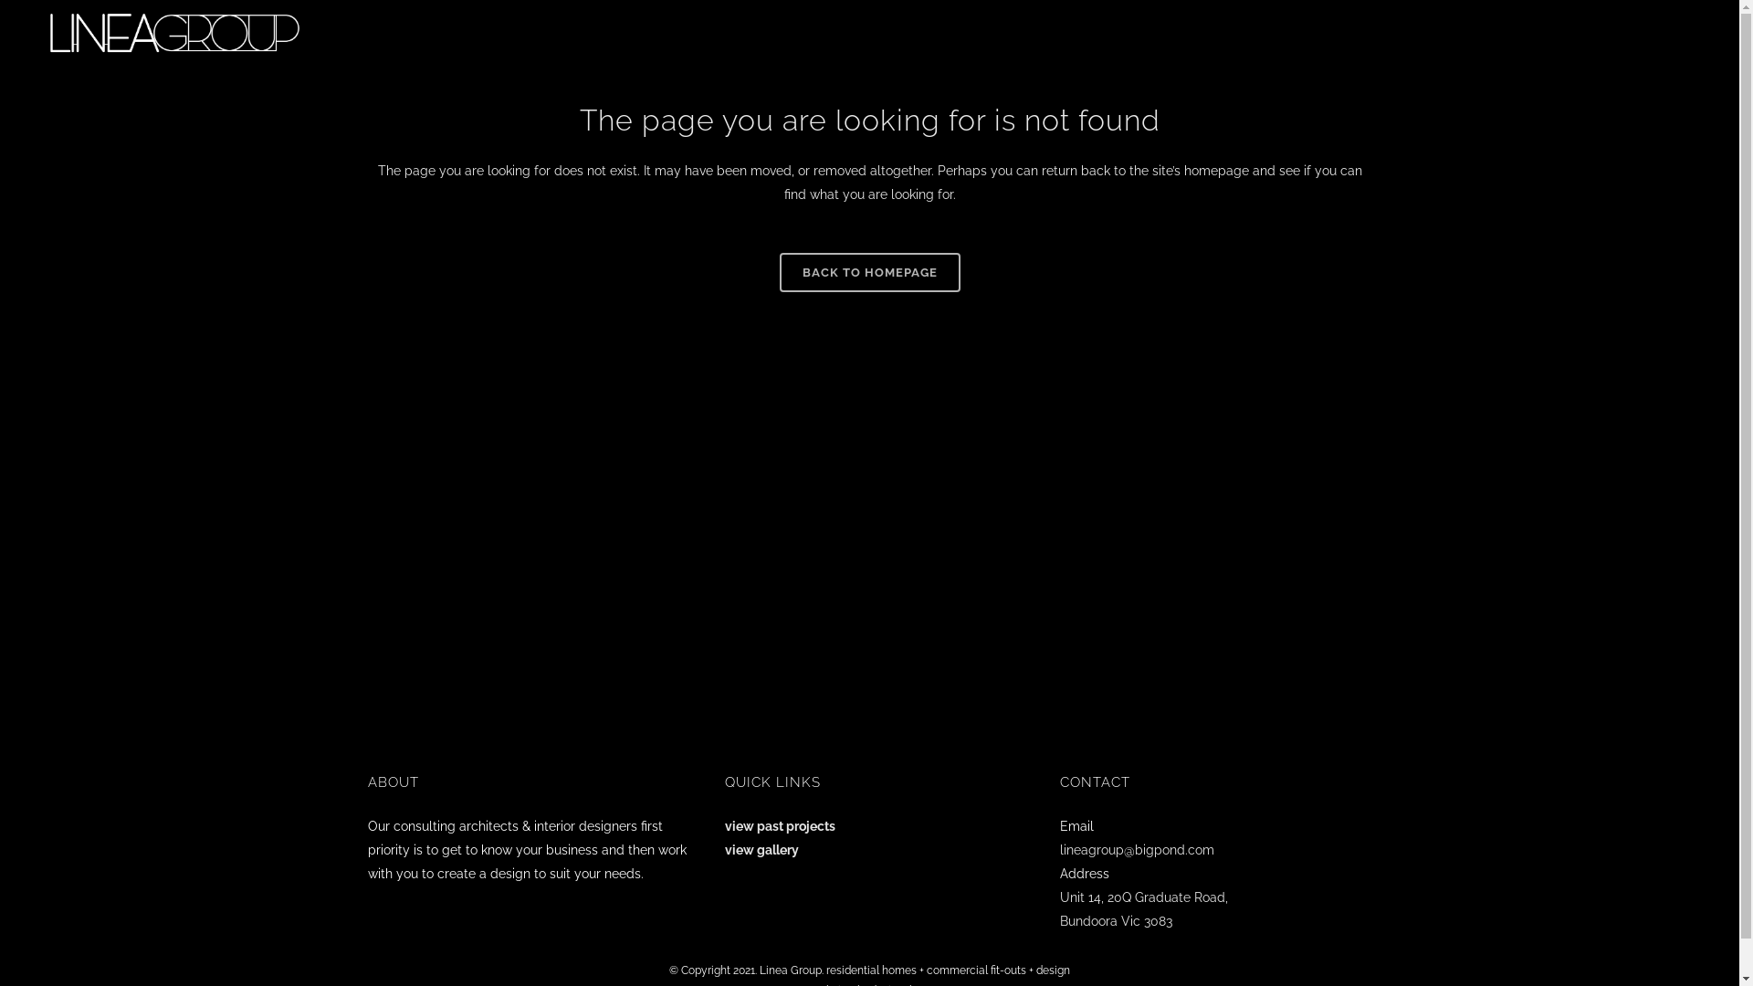 The height and width of the screenshot is (986, 1753). What do you see at coordinates (1136, 849) in the screenshot?
I see `'lineagroup@bigpond.com'` at bounding box center [1136, 849].